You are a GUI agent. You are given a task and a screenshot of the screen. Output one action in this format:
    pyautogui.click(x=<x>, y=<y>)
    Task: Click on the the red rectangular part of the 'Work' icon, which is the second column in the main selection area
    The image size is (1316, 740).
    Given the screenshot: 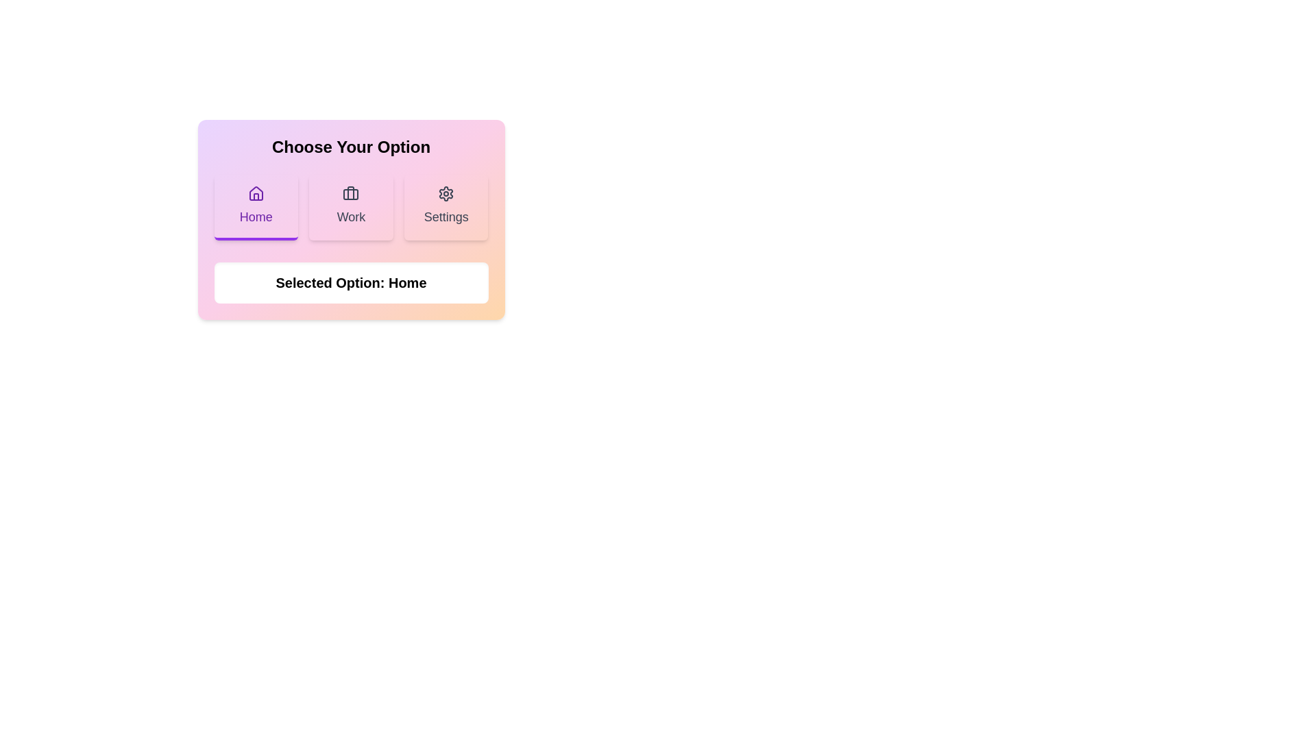 What is the action you would take?
    pyautogui.click(x=351, y=195)
    